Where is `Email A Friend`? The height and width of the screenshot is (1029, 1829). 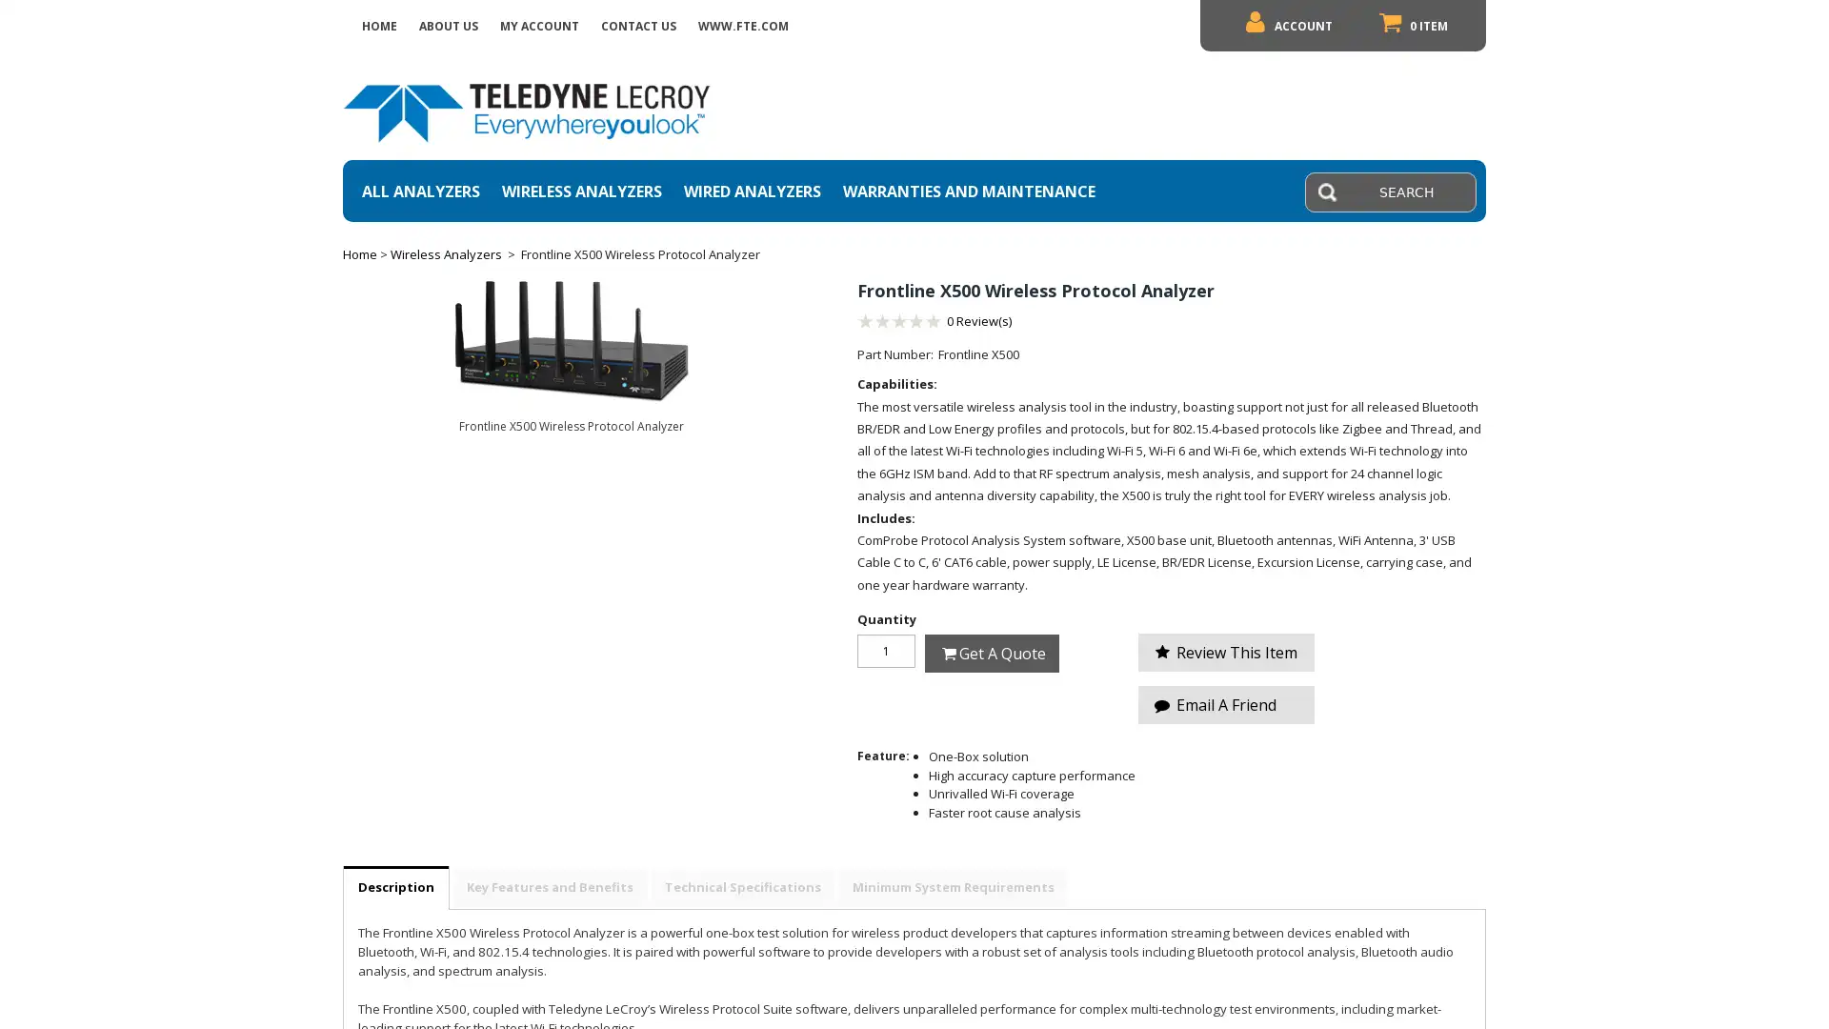 Email A Friend is located at coordinates (1226, 705).